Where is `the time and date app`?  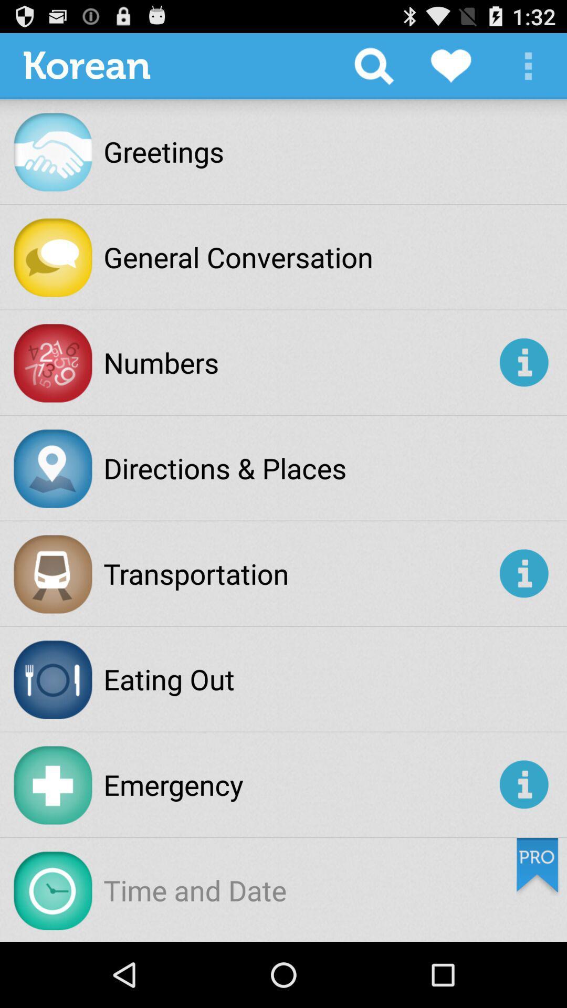 the time and date app is located at coordinates (195, 889).